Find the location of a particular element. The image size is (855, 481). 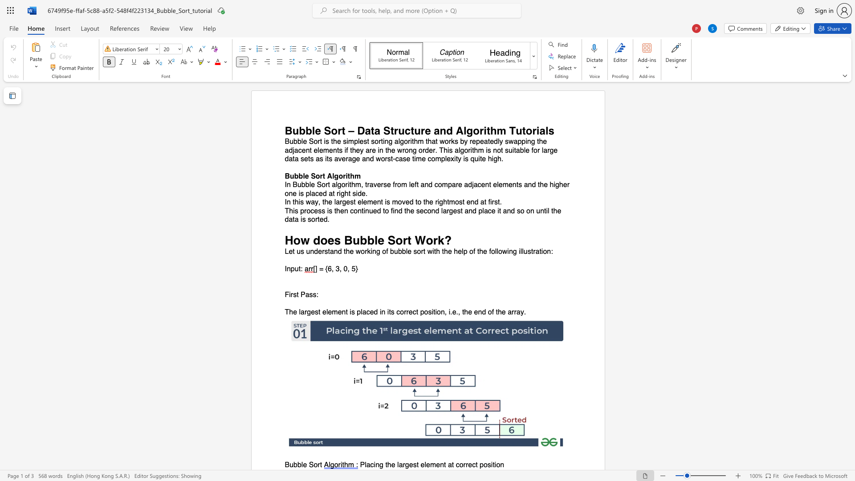

the space between the continuous character "{" and "6" in the text is located at coordinates (327, 269).